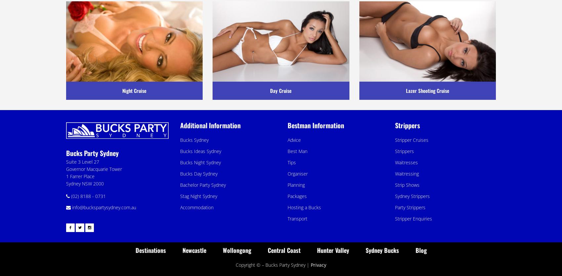 This screenshot has width=562, height=276. What do you see at coordinates (411, 139) in the screenshot?
I see `'Stripper Cruises'` at bounding box center [411, 139].